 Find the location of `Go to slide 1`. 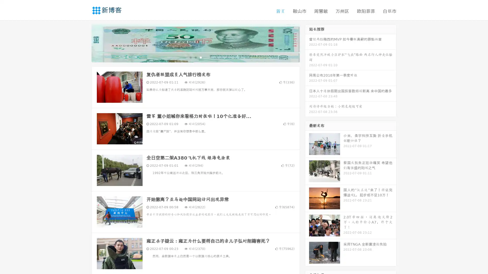

Go to slide 1 is located at coordinates (190, 57).